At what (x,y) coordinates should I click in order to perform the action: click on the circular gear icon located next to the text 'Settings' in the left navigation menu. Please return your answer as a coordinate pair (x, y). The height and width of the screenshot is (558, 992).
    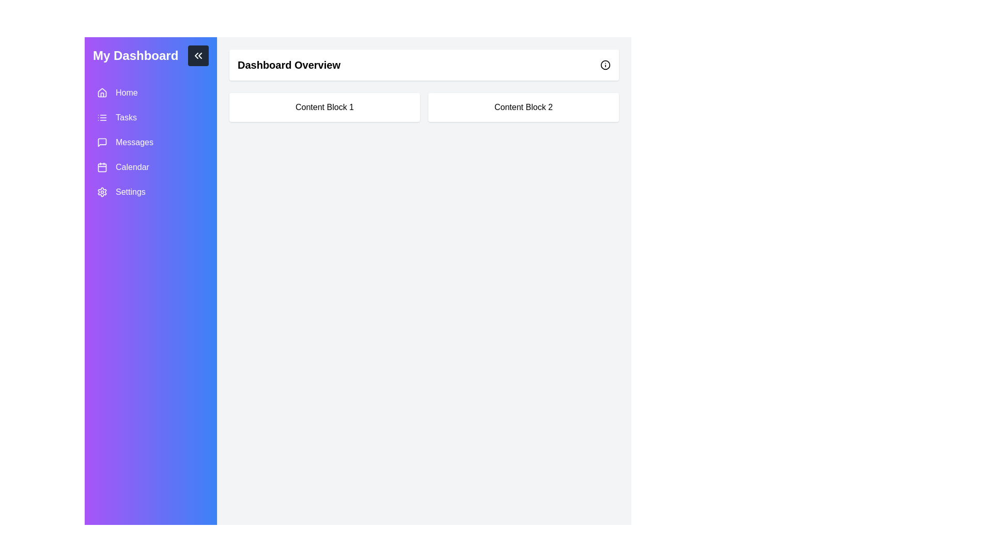
    Looking at the image, I should click on (102, 192).